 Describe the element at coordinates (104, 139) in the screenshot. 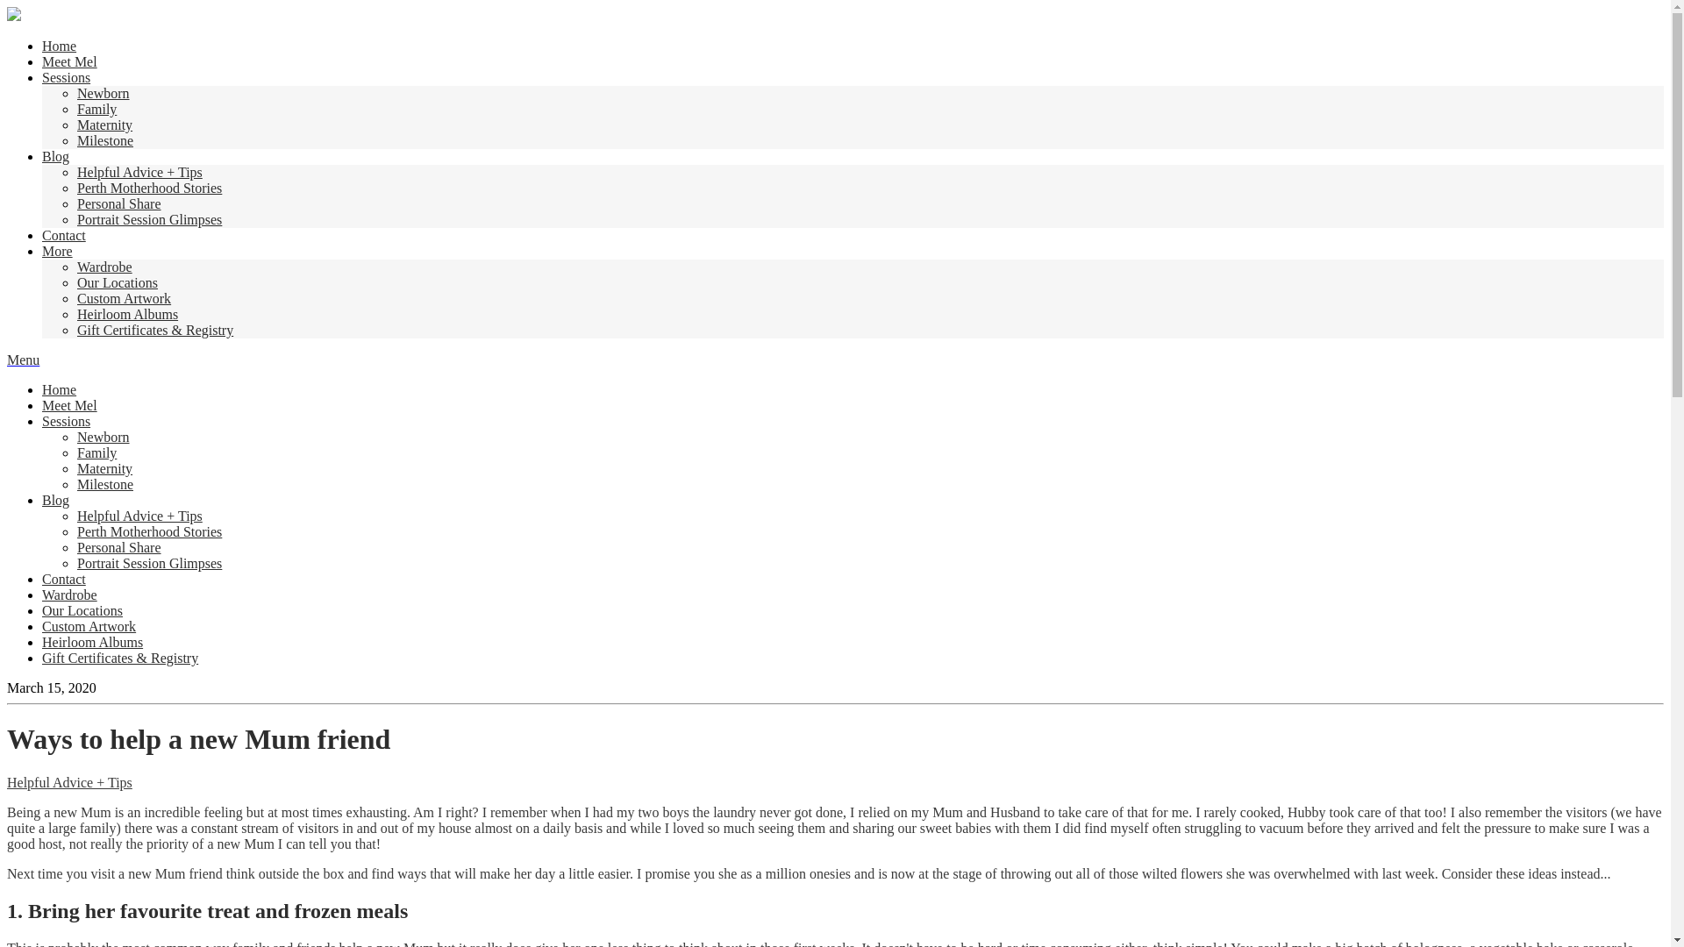

I see `'Milestone'` at that location.